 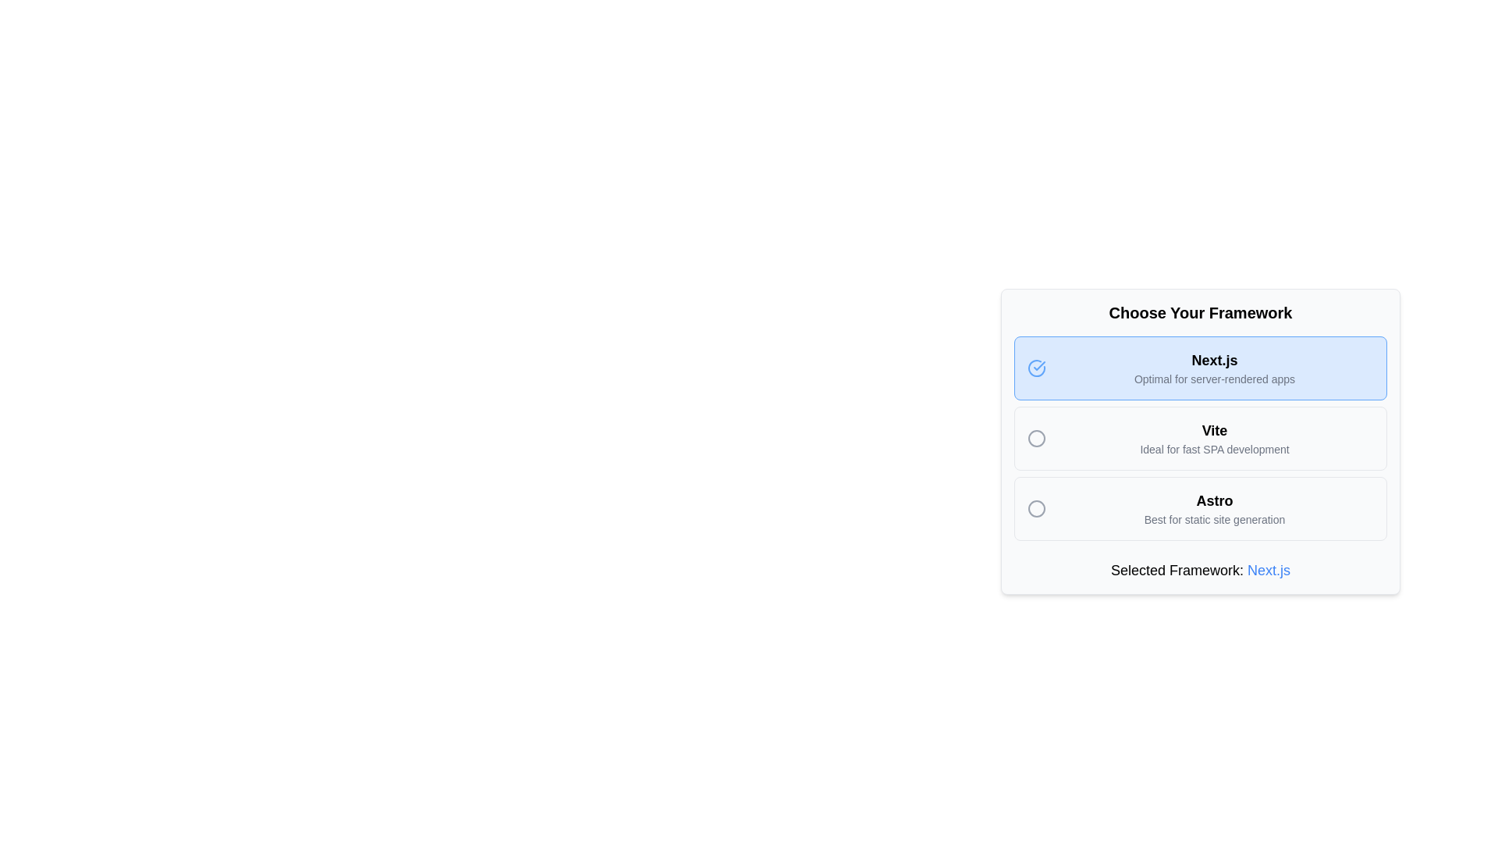 What do you see at coordinates (1213, 368) in the screenshot?
I see `the Text Display element titled 'Next.js' with a subtitle describing its optimal use for server-rendered apps, which is centrally placed within the highlighted blue box in the 'Choose Your Framework' selection list` at bounding box center [1213, 368].